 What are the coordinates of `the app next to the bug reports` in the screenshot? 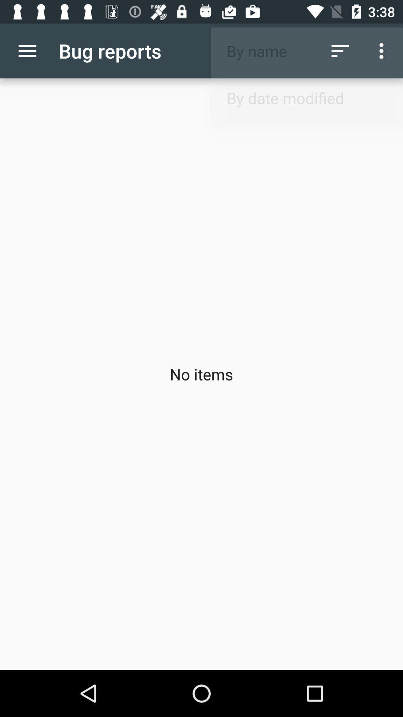 It's located at (340, 50).